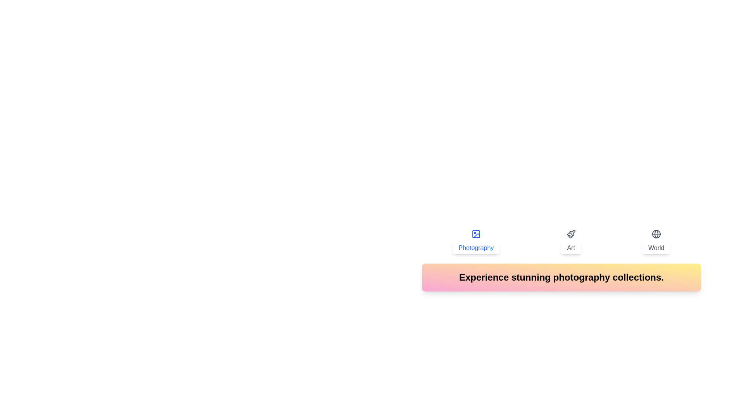 Image resolution: width=744 pixels, height=418 pixels. I want to click on the icon of the Art tab to activate it, so click(571, 234).